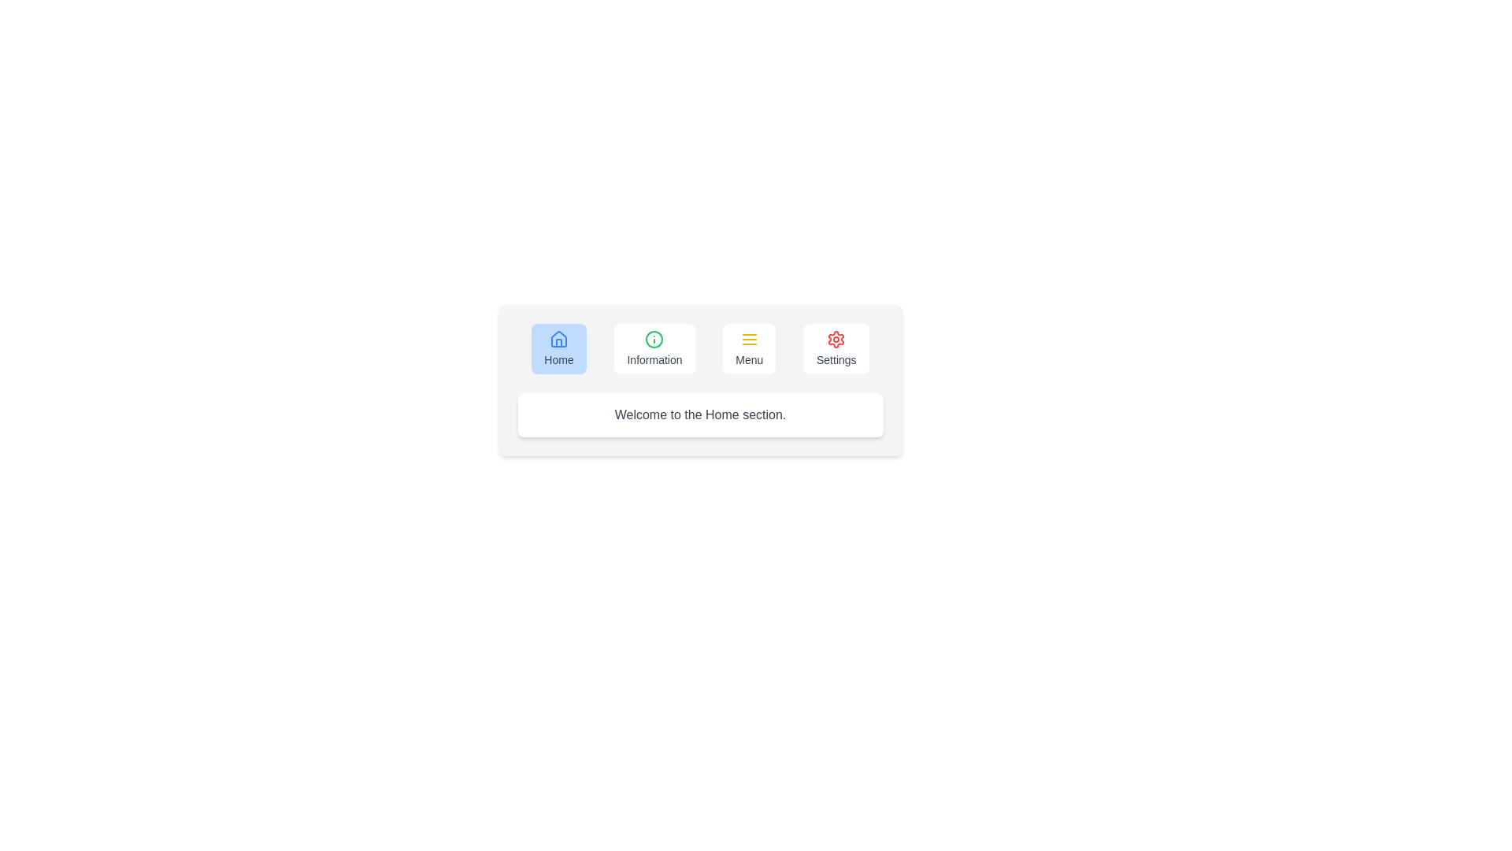 This screenshot has width=1512, height=851. What do you see at coordinates (836, 359) in the screenshot?
I see `the 'Settings' text label, which is located in the bottom section of the fourth card in a row of navigation options at the upper region of the interface` at bounding box center [836, 359].